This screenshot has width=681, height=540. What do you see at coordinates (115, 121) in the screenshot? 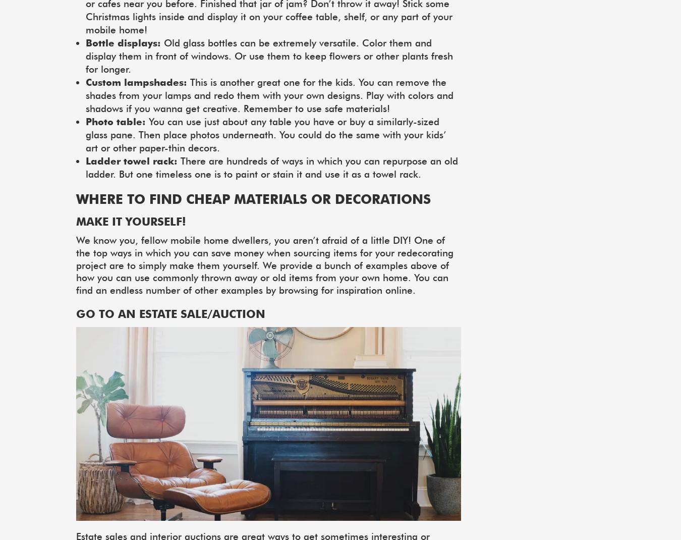
I see `'Photo table:'` at bounding box center [115, 121].